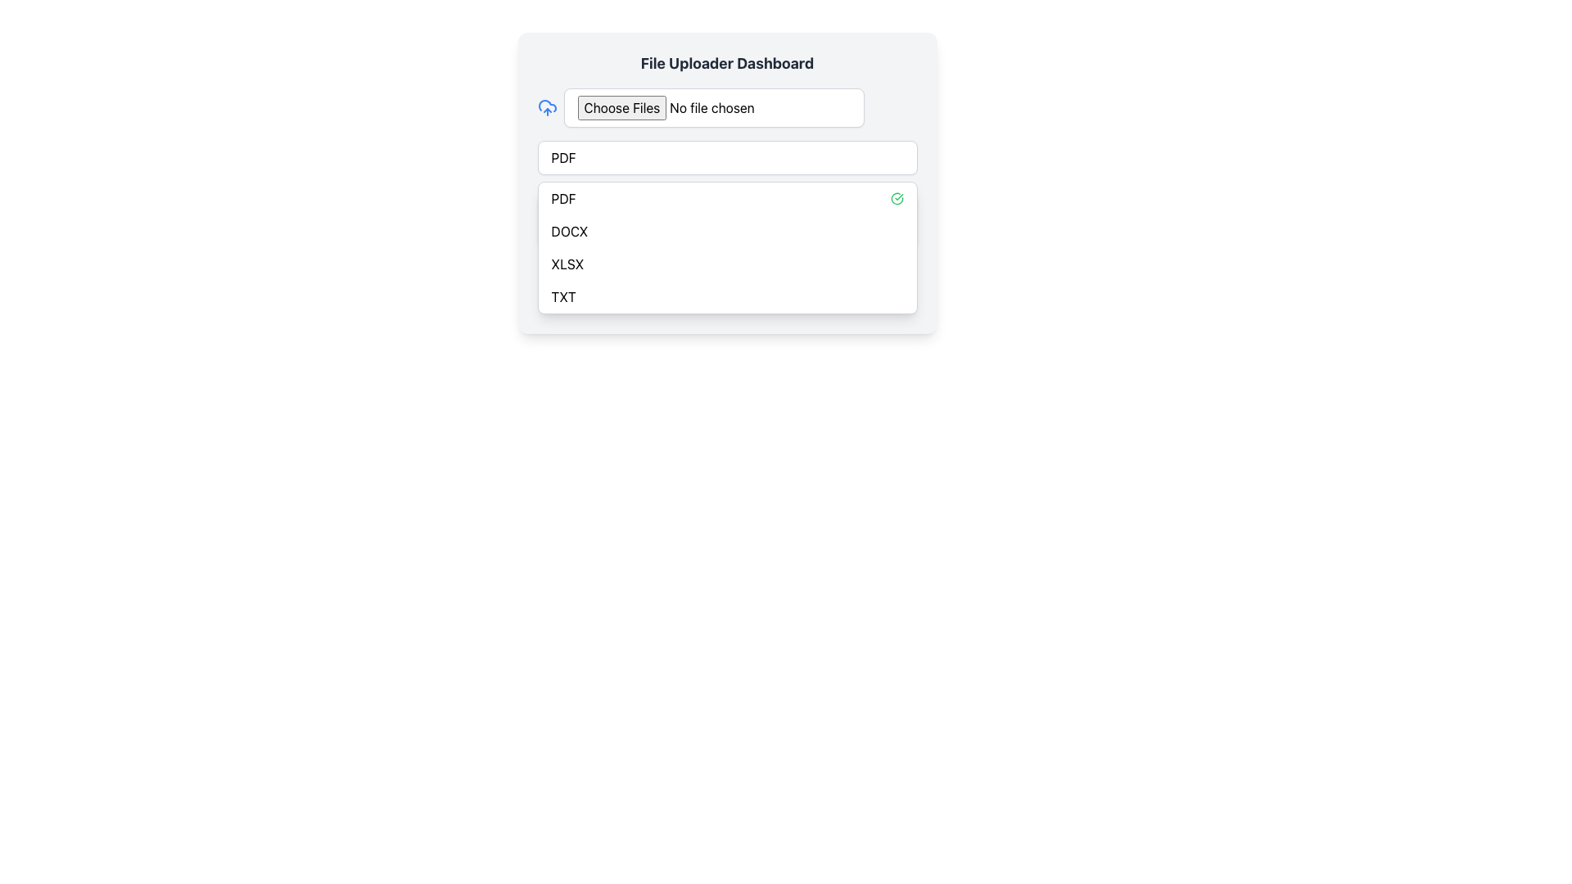 This screenshot has height=884, width=1572. I want to click on the 'DOCX' option in the file type dropdown menu, so click(569, 231).